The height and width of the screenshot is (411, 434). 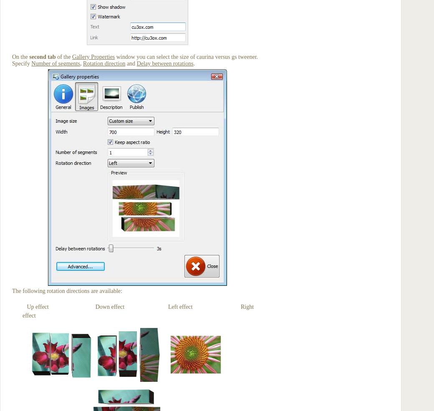 I want to click on 'On the', so click(x=20, y=57).